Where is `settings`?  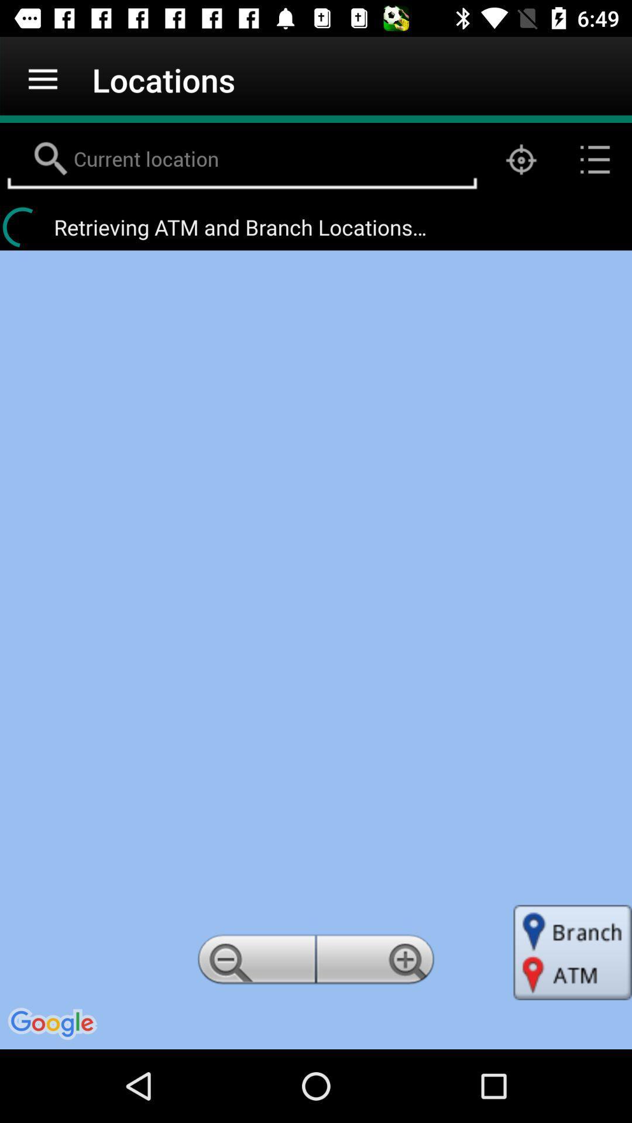
settings is located at coordinates (377, 963).